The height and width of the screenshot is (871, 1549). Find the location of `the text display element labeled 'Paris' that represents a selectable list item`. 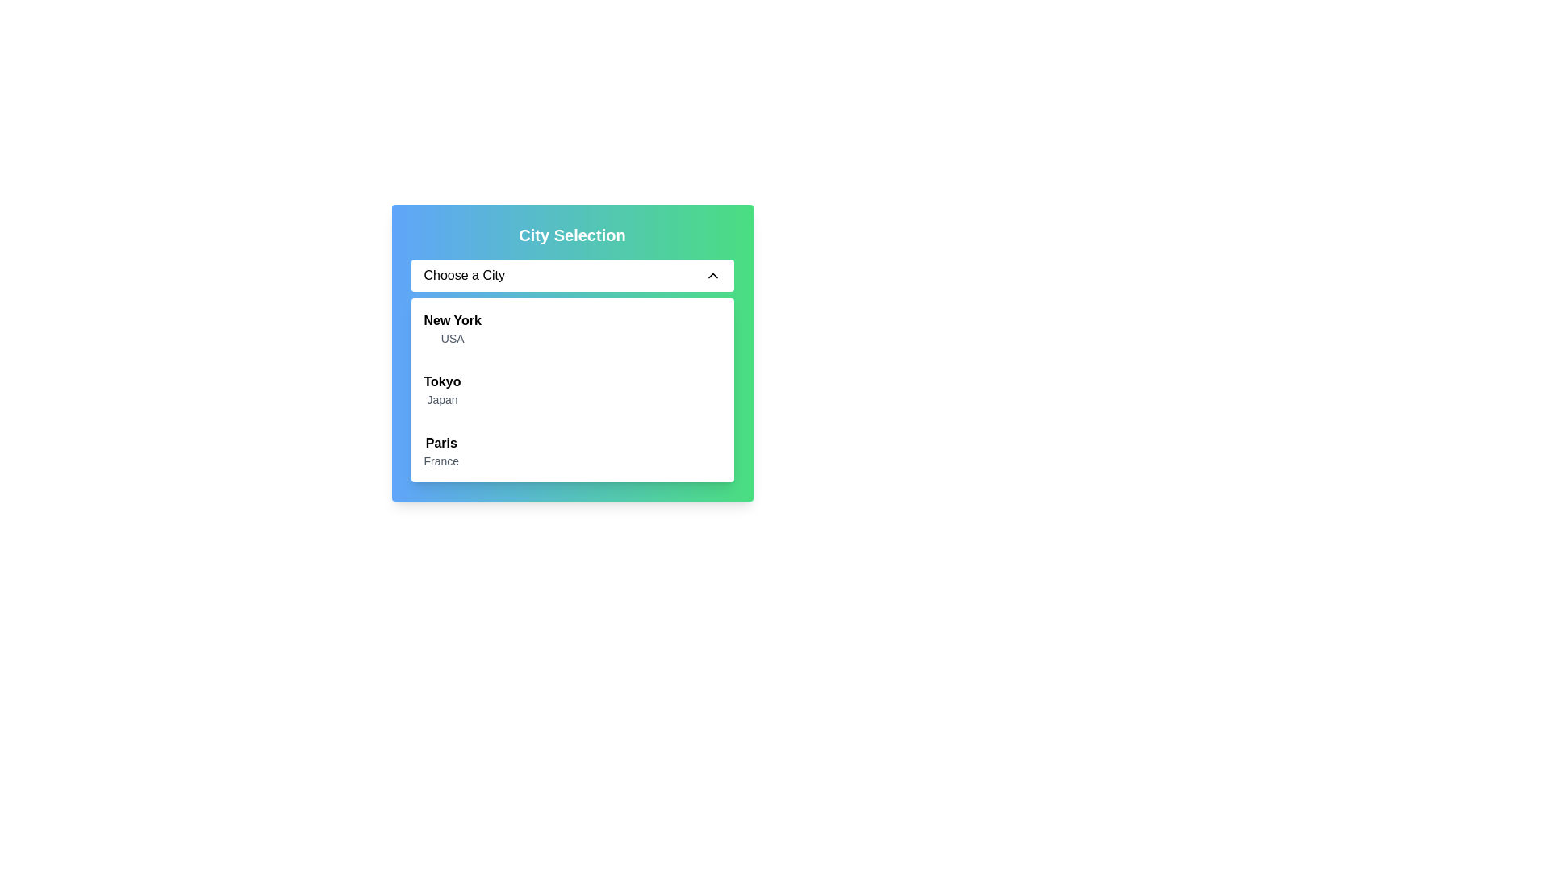

the text display element labeled 'Paris' that represents a selectable list item is located at coordinates (441, 451).